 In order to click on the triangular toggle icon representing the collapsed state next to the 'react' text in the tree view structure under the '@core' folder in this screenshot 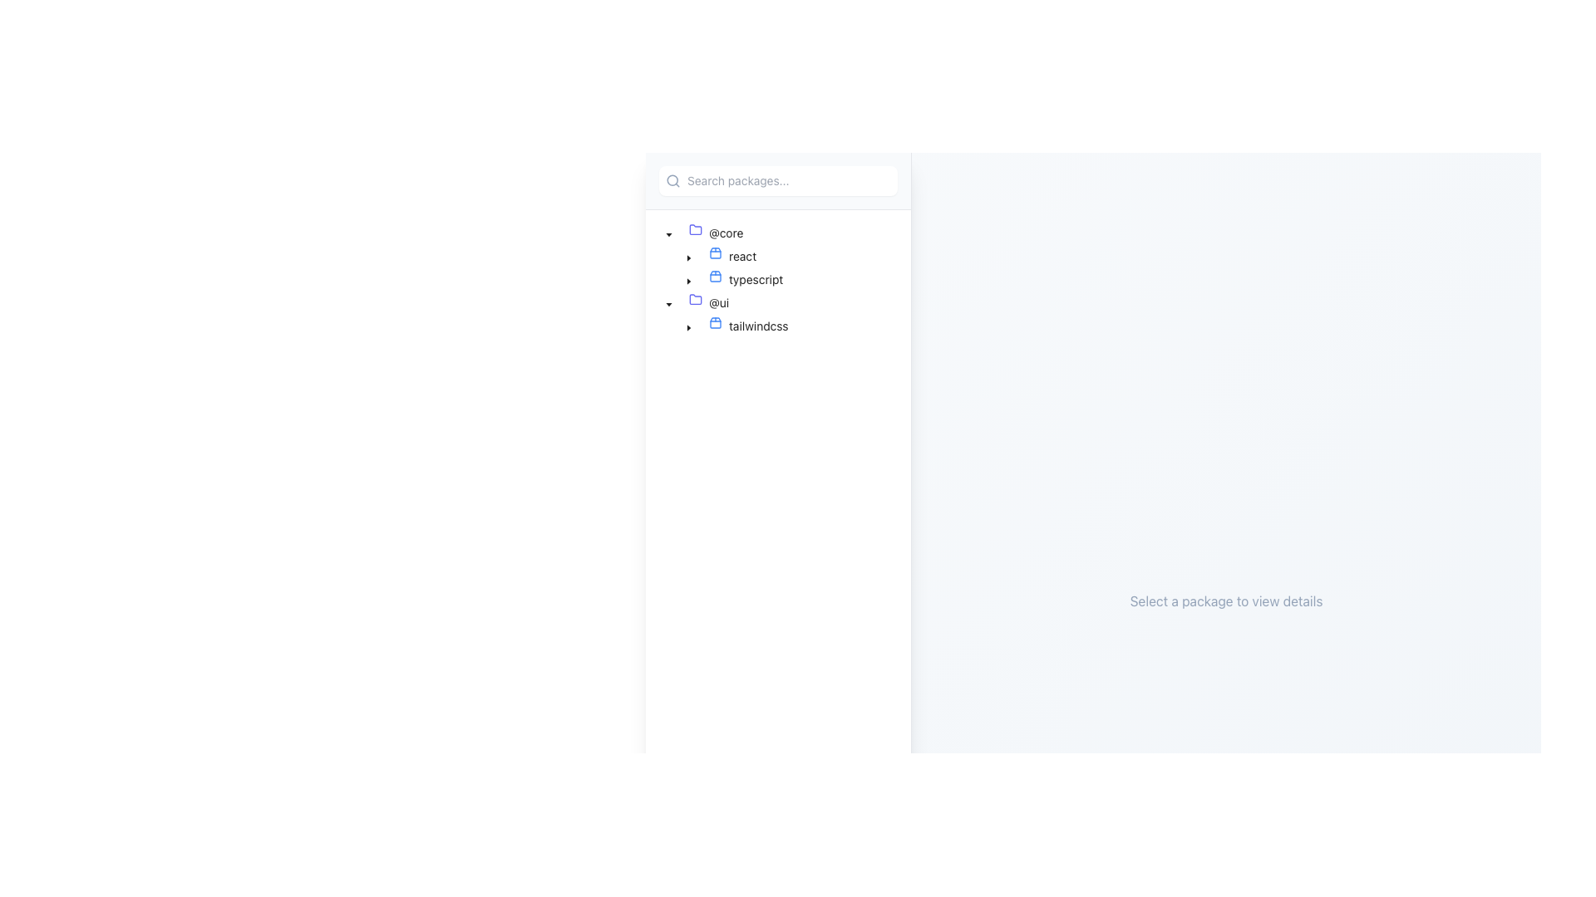, I will do `click(689, 256)`.